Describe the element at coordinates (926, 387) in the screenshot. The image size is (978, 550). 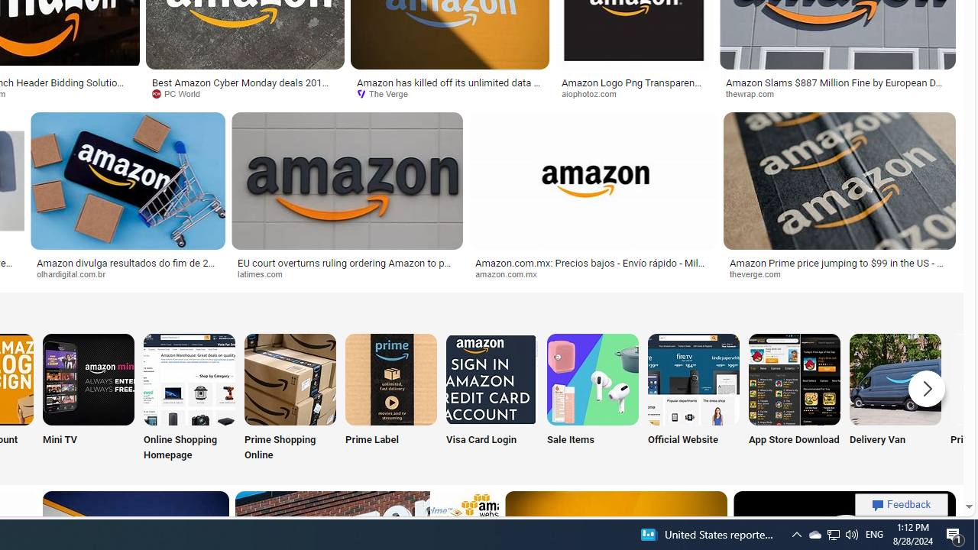
I see `'Scroll more suggestions right'` at that location.